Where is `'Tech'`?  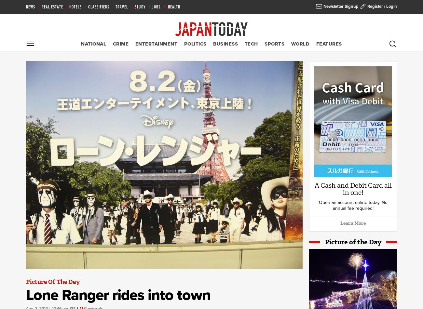 'Tech' is located at coordinates (251, 44).